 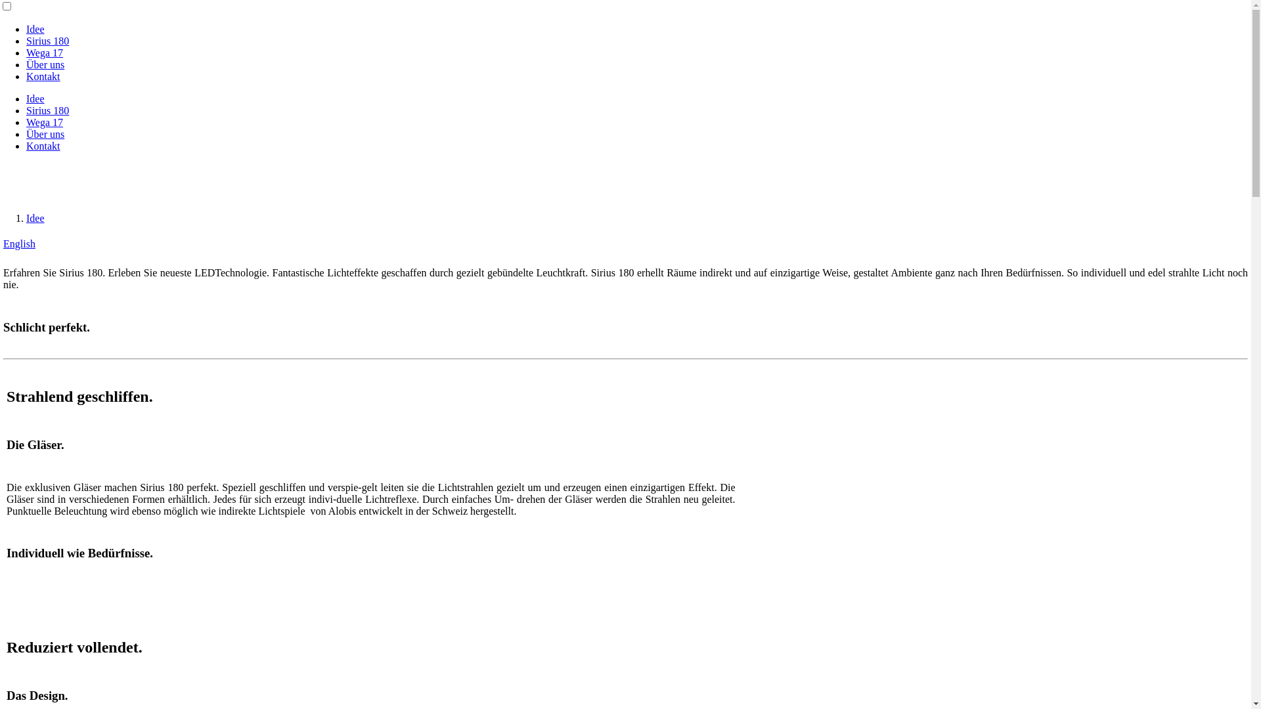 What do you see at coordinates (47, 40) in the screenshot?
I see `'Sirius 180'` at bounding box center [47, 40].